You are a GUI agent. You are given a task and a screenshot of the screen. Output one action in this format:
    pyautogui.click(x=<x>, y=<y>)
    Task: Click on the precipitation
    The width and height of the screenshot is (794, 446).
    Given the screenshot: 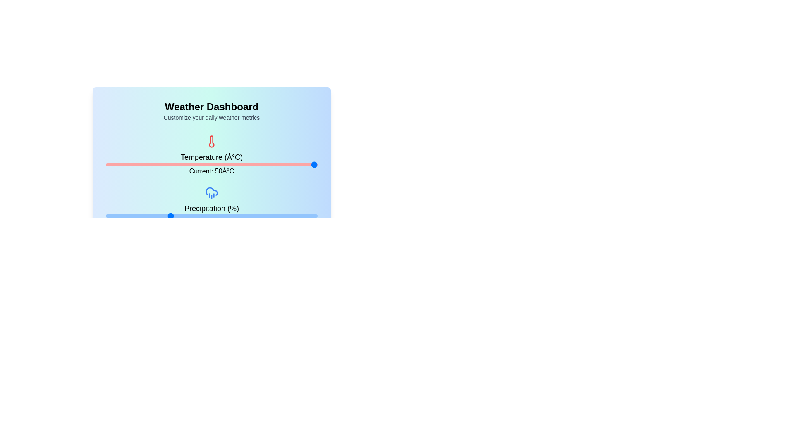 What is the action you would take?
    pyautogui.click(x=139, y=216)
    